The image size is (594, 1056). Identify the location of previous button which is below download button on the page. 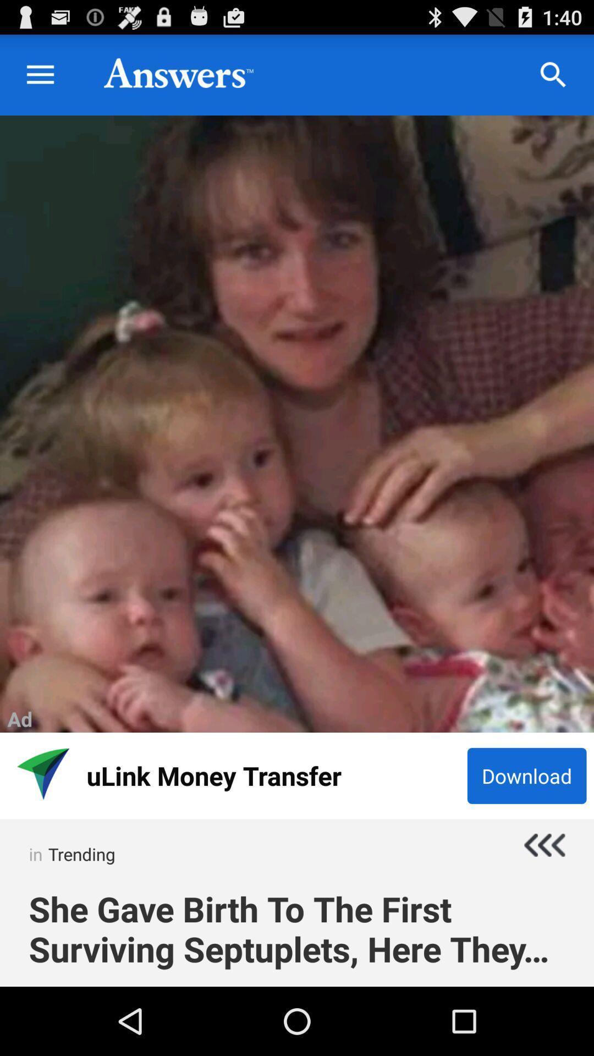
(530, 844).